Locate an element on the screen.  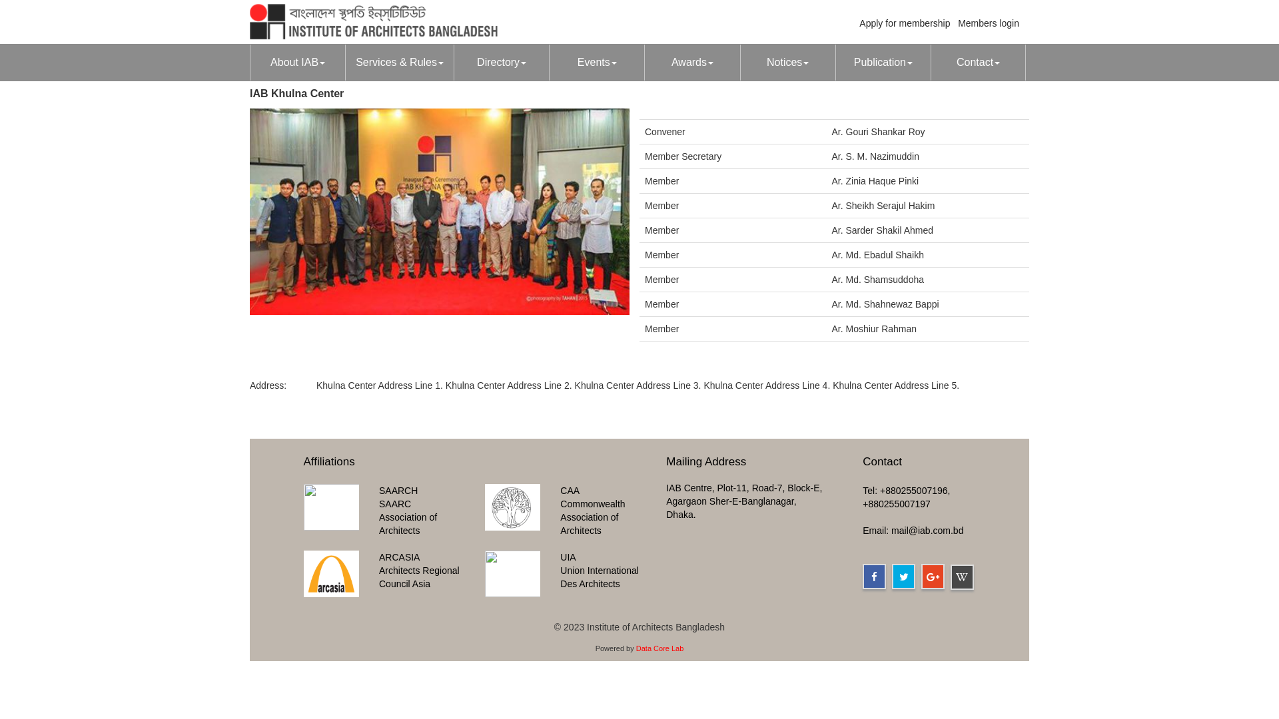
'Contact' is located at coordinates (978, 62).